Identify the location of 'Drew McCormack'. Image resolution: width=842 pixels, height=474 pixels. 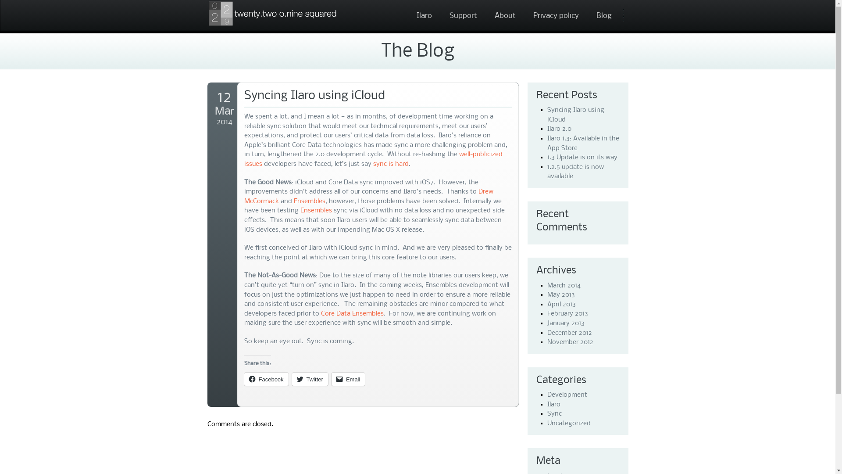
(368, 196).